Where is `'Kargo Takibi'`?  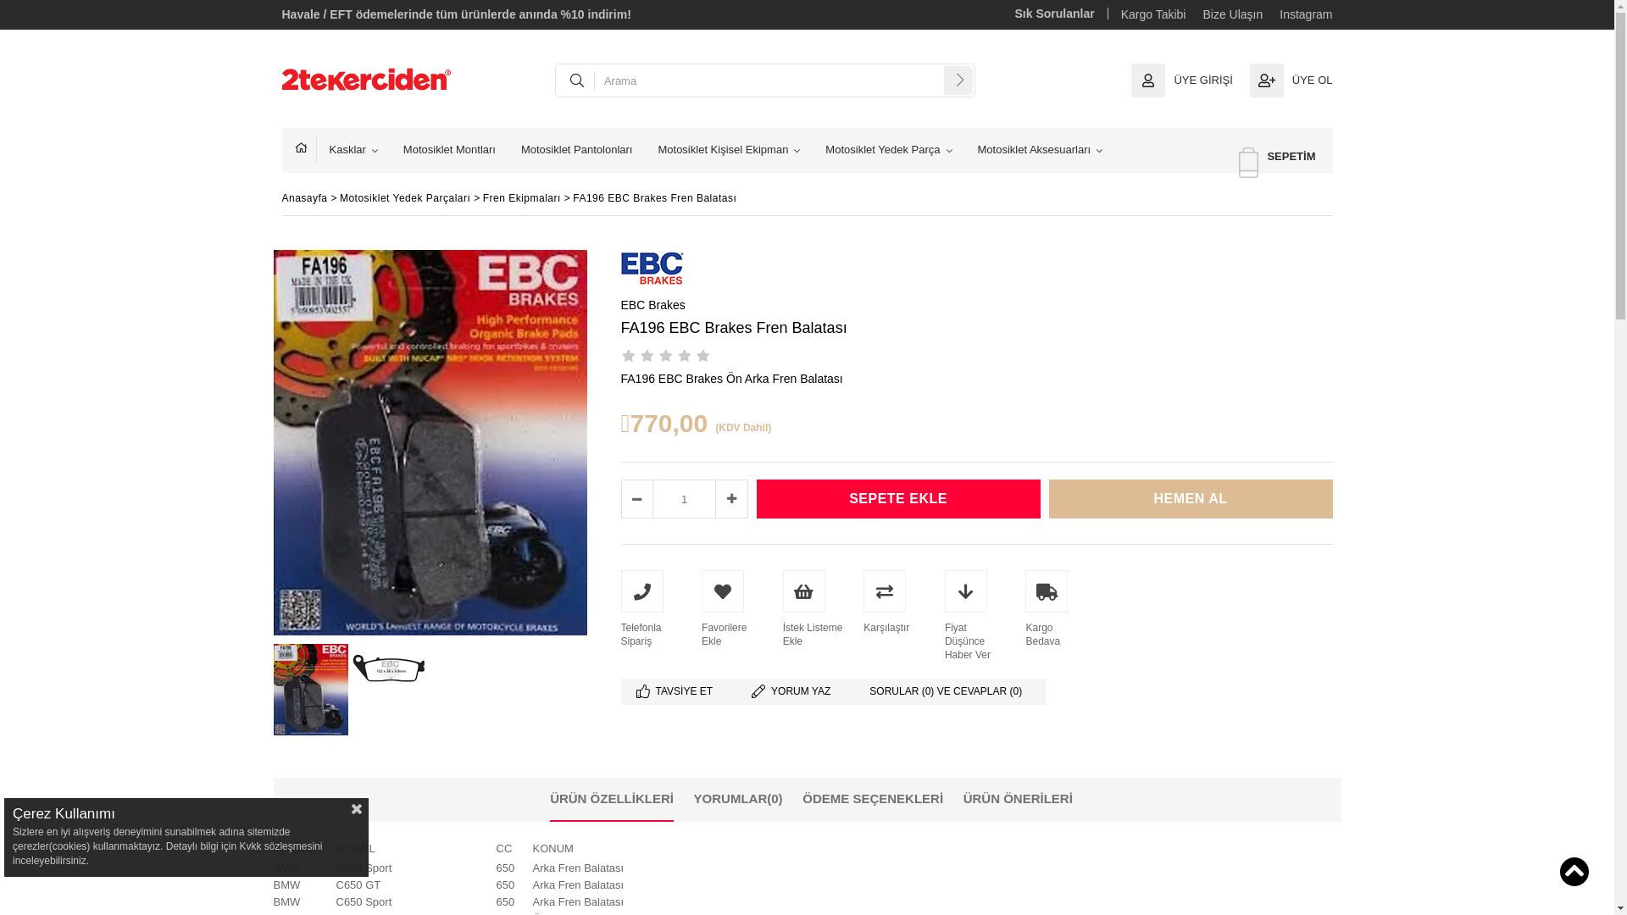 'Kargo Takibi' is located at coordinates (1152, 14).